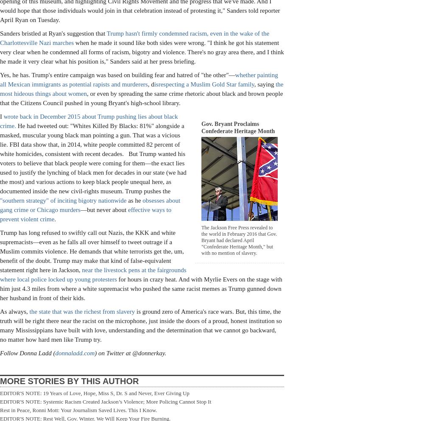  What do you see at coordinates (141, 89) in the screenshot?
I see `'the most hideous things about women'` at bounding box center [141, 89].